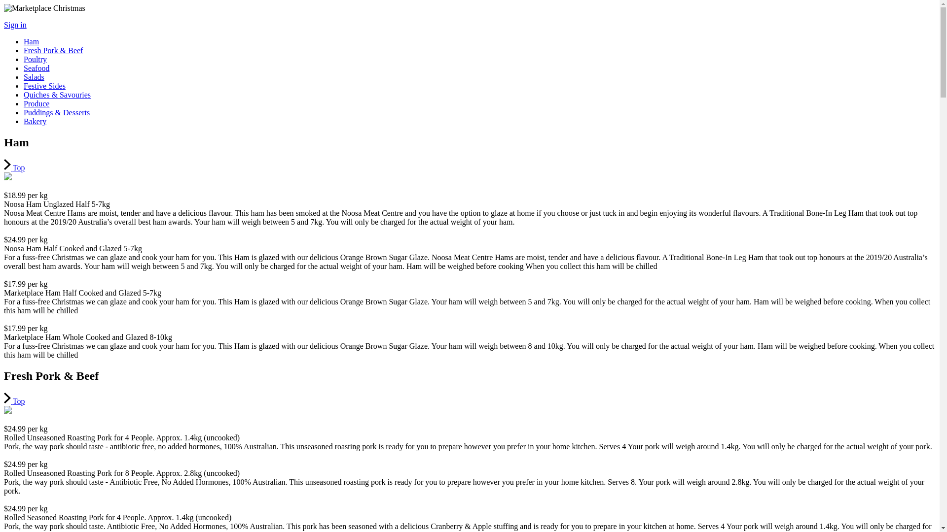 This screenshot has width=947, height=532. What do you see at coordinates (31, 41) in the screenshot?
I see `'Ham'` at bounding box center [31, 41].